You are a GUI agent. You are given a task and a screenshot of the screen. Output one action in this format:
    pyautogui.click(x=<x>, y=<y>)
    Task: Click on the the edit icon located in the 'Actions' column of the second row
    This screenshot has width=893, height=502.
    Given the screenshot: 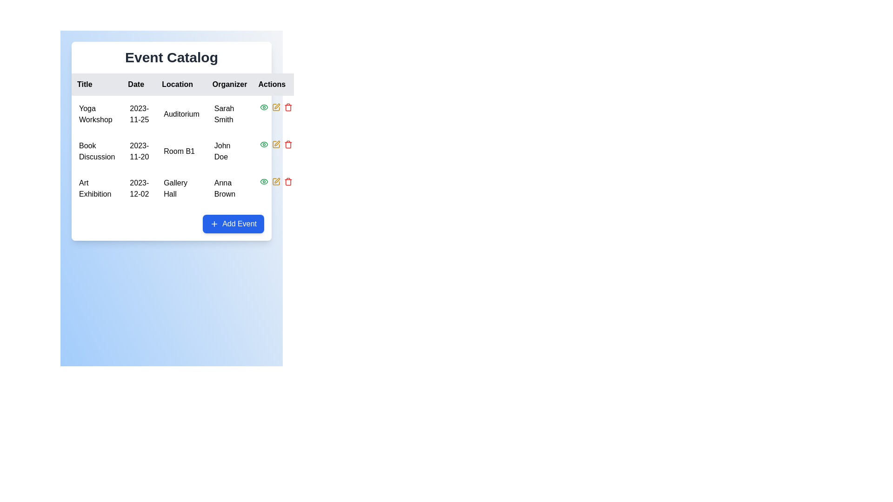 What is the action you would take?
    pyautogui.click(x=277, y=106)
    